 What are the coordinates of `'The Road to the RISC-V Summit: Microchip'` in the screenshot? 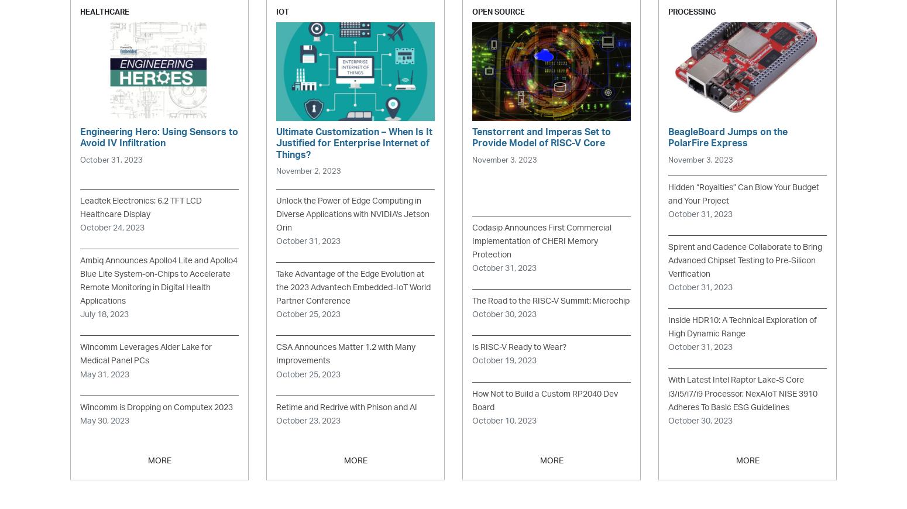 It's located at (550, 300).